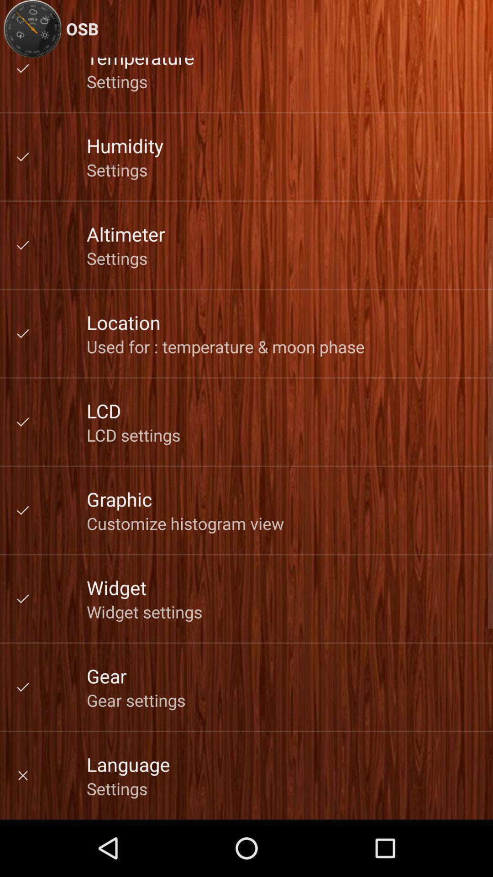 The height and width of the screenshot is (877, 493). Describe the element at coordinates (119, 498) in the screenshot. I see `the graphic` at that location.